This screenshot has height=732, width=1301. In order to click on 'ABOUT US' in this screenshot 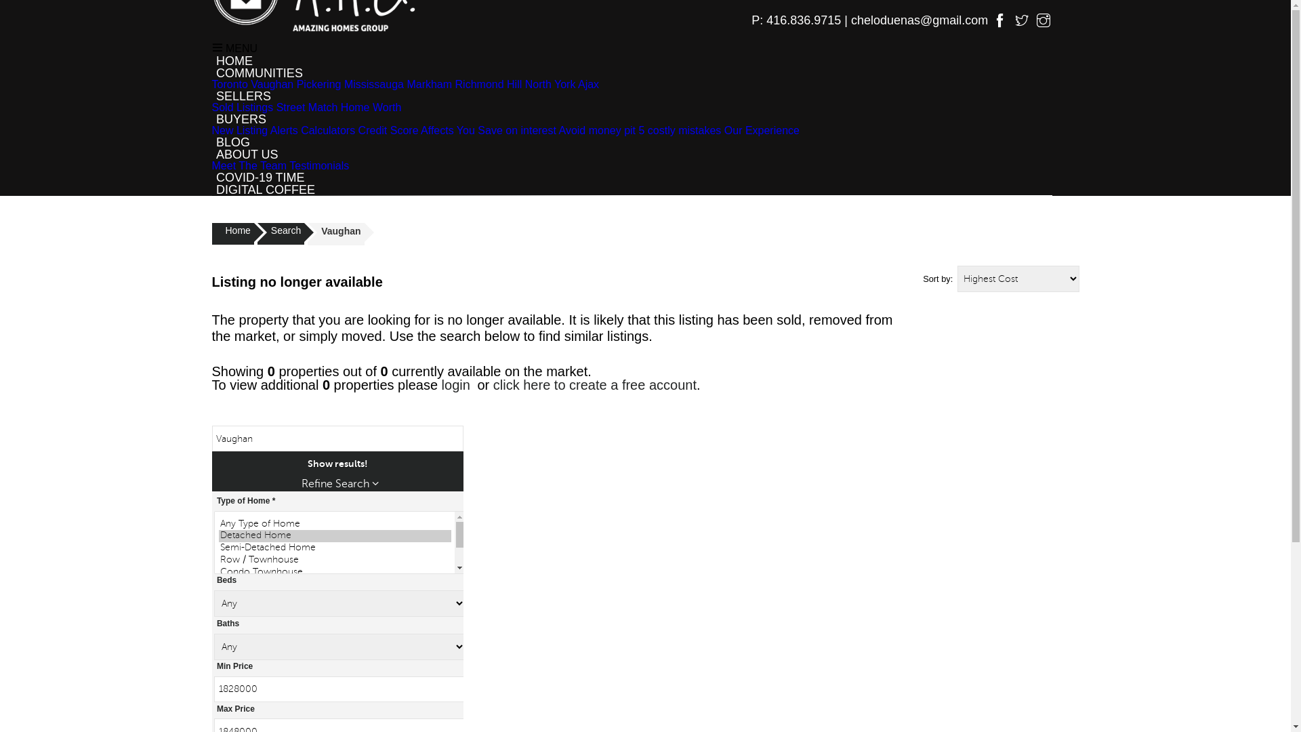, I will do `click(247, 153)`.